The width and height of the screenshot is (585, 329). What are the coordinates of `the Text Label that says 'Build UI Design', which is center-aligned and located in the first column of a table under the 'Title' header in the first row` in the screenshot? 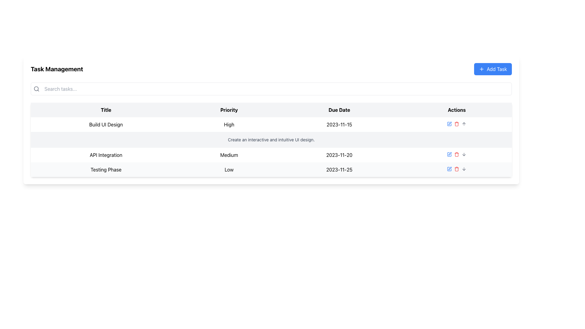 It's located at (106, 124).